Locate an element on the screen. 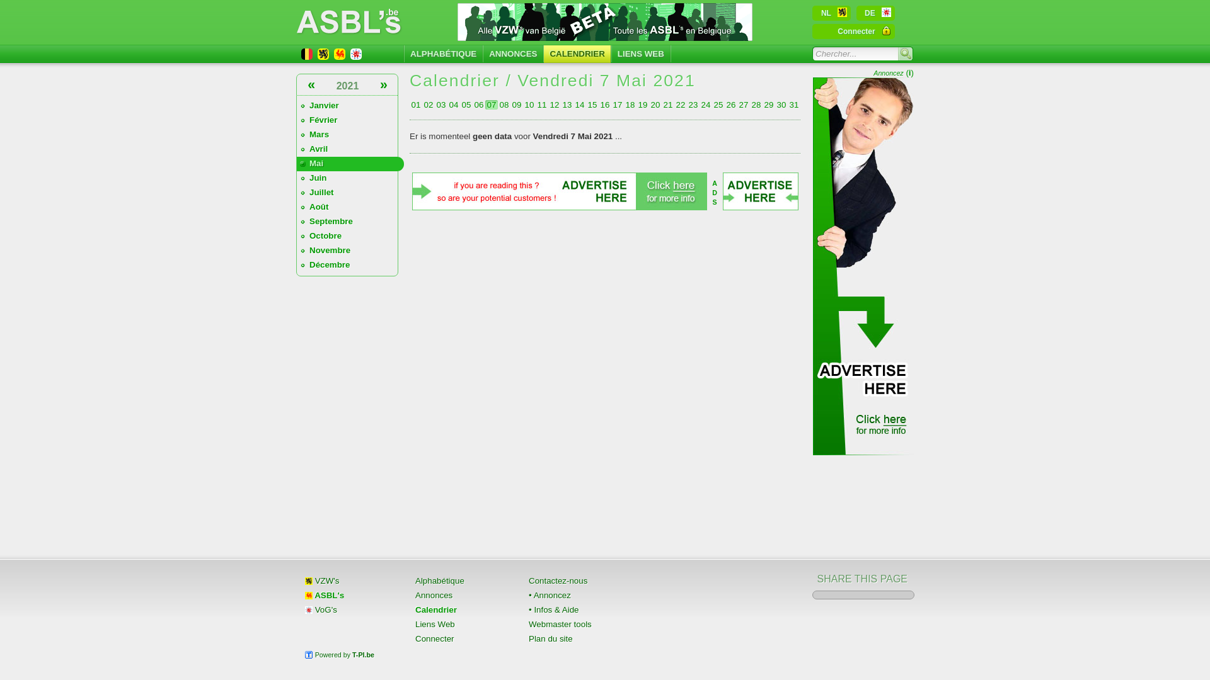  '25' is located at coordinates (718, 104).